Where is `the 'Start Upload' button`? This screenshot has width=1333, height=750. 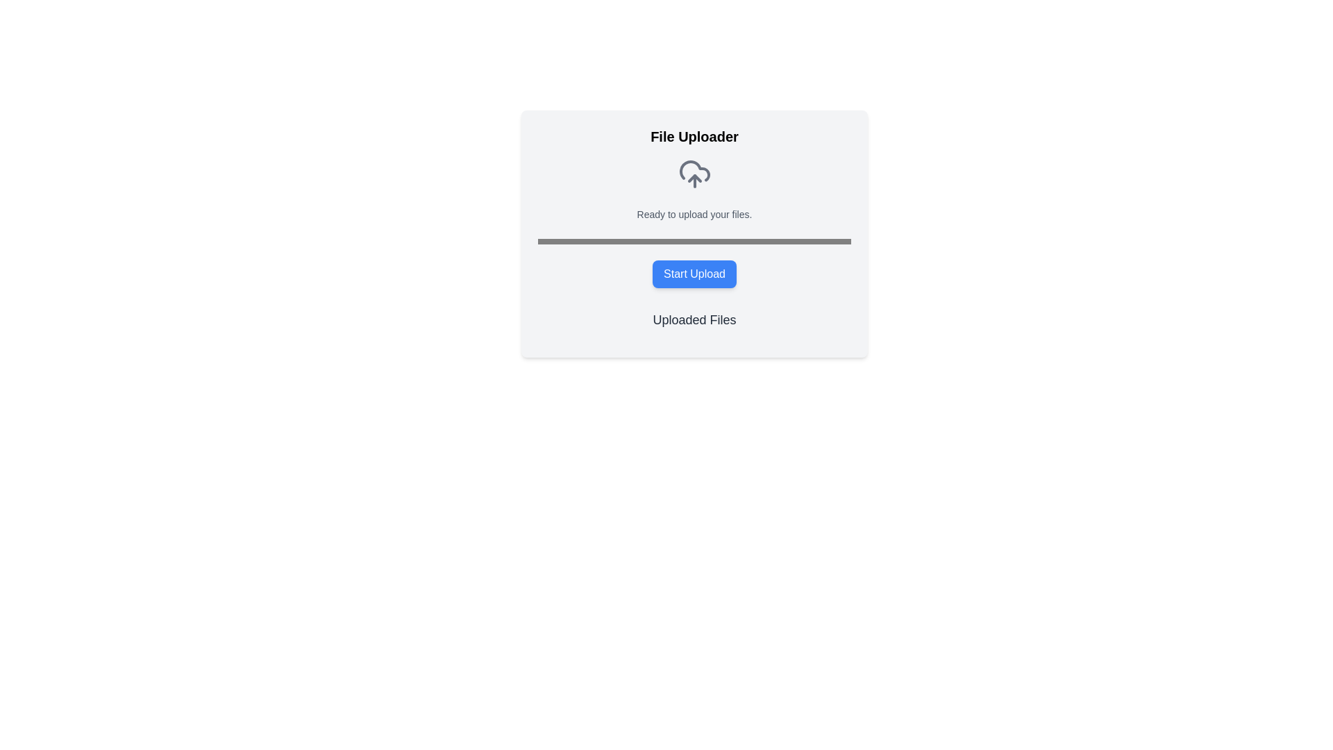 the 'Start Upload' button is located at coordinates (694, 274).